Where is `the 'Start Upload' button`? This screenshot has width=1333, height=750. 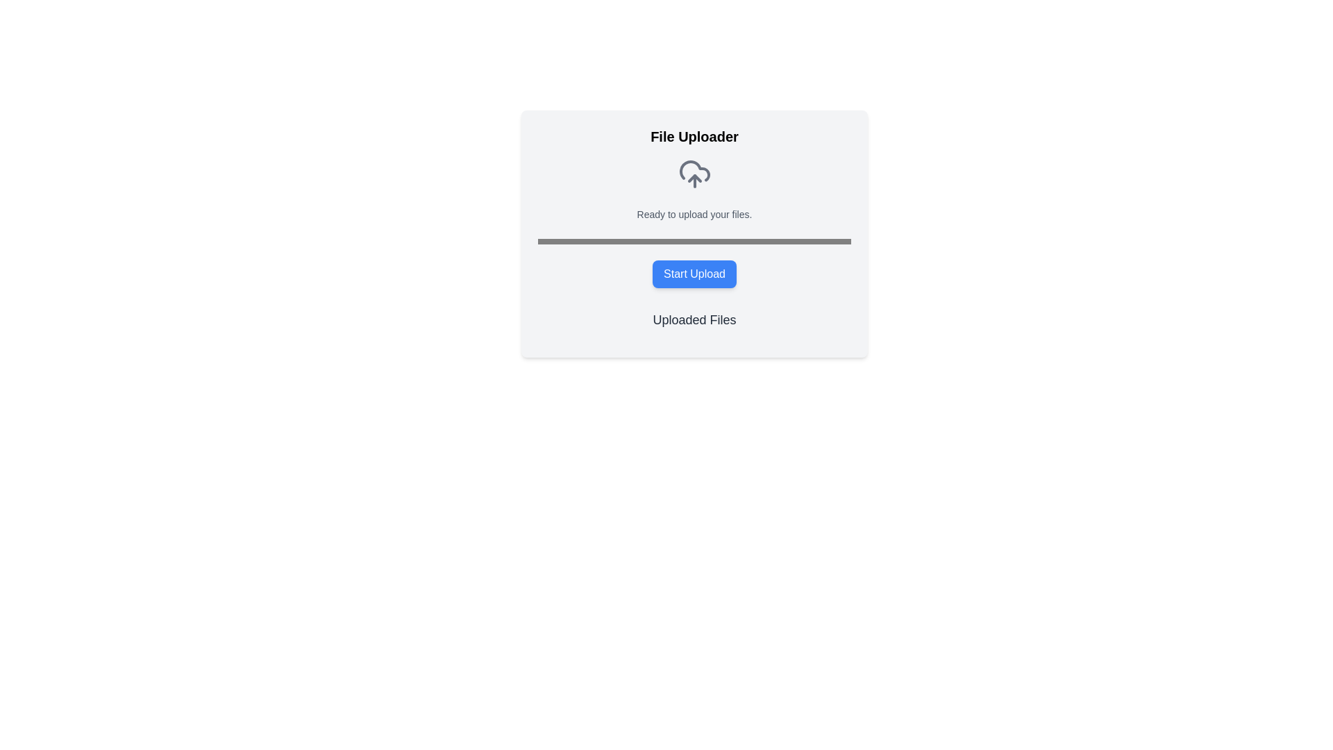 the 'Start Upload' button is located at coordinates (694, 274).